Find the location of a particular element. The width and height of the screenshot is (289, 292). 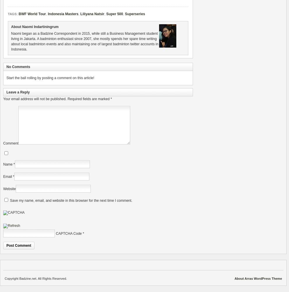

'Indonesia Masters' is located at coordinates (47, 14).